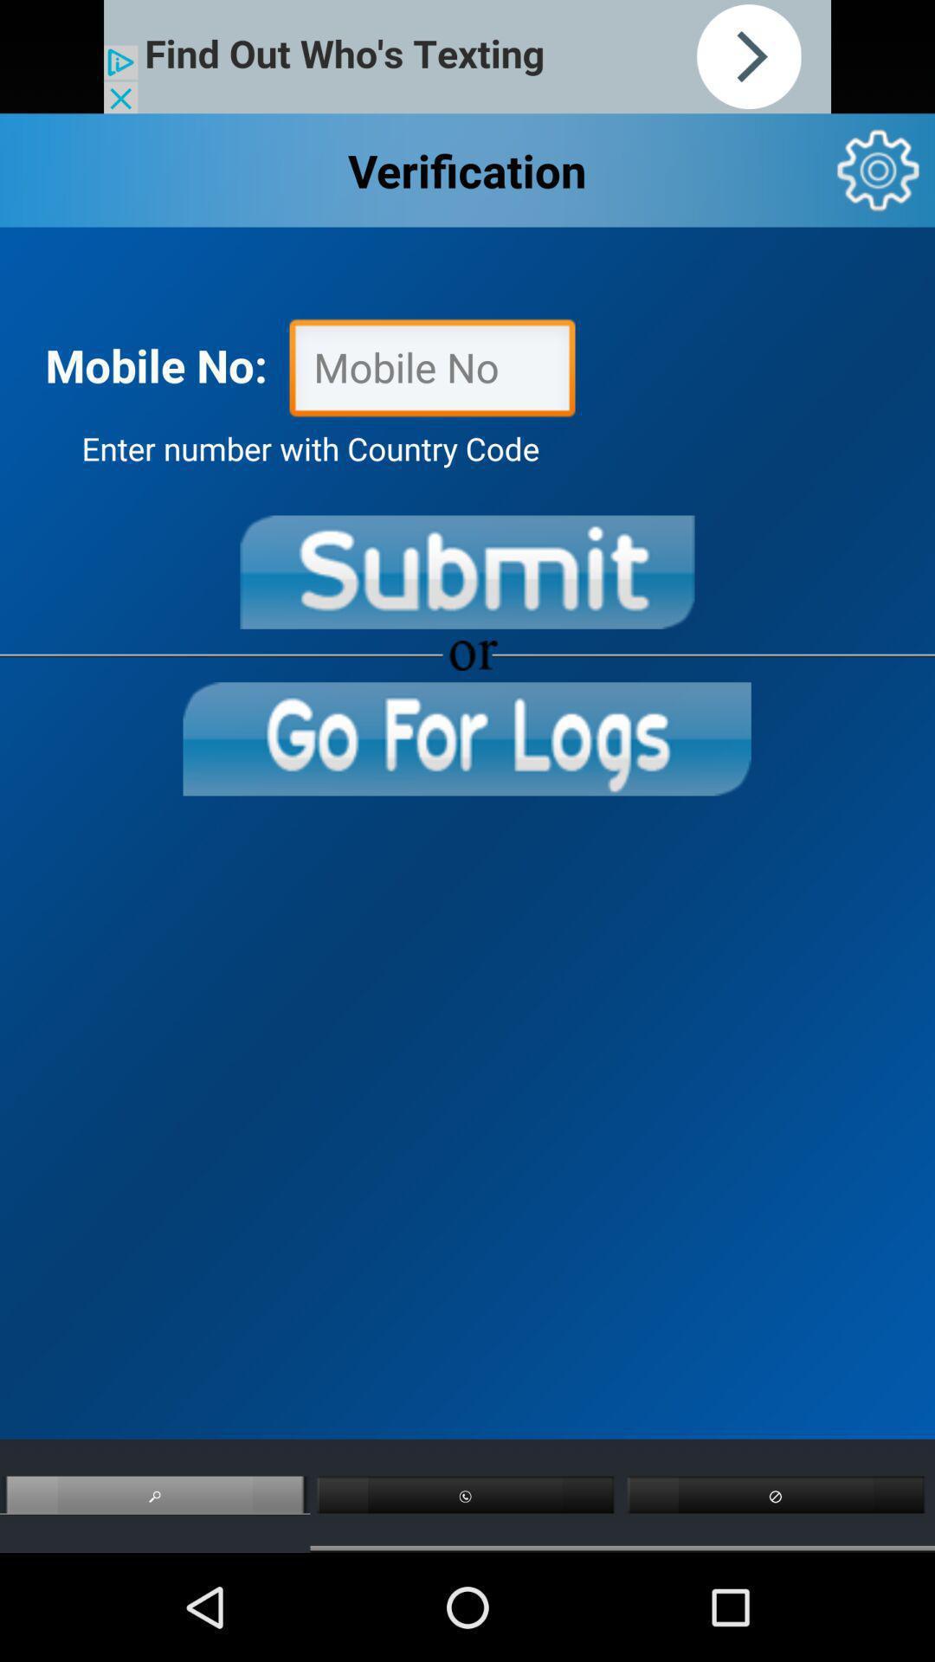 The height and width of the screenshot is (1662, 935). Describe the element at coordinates (467, 56) in the screenshot. I see `advertisement` at that location.